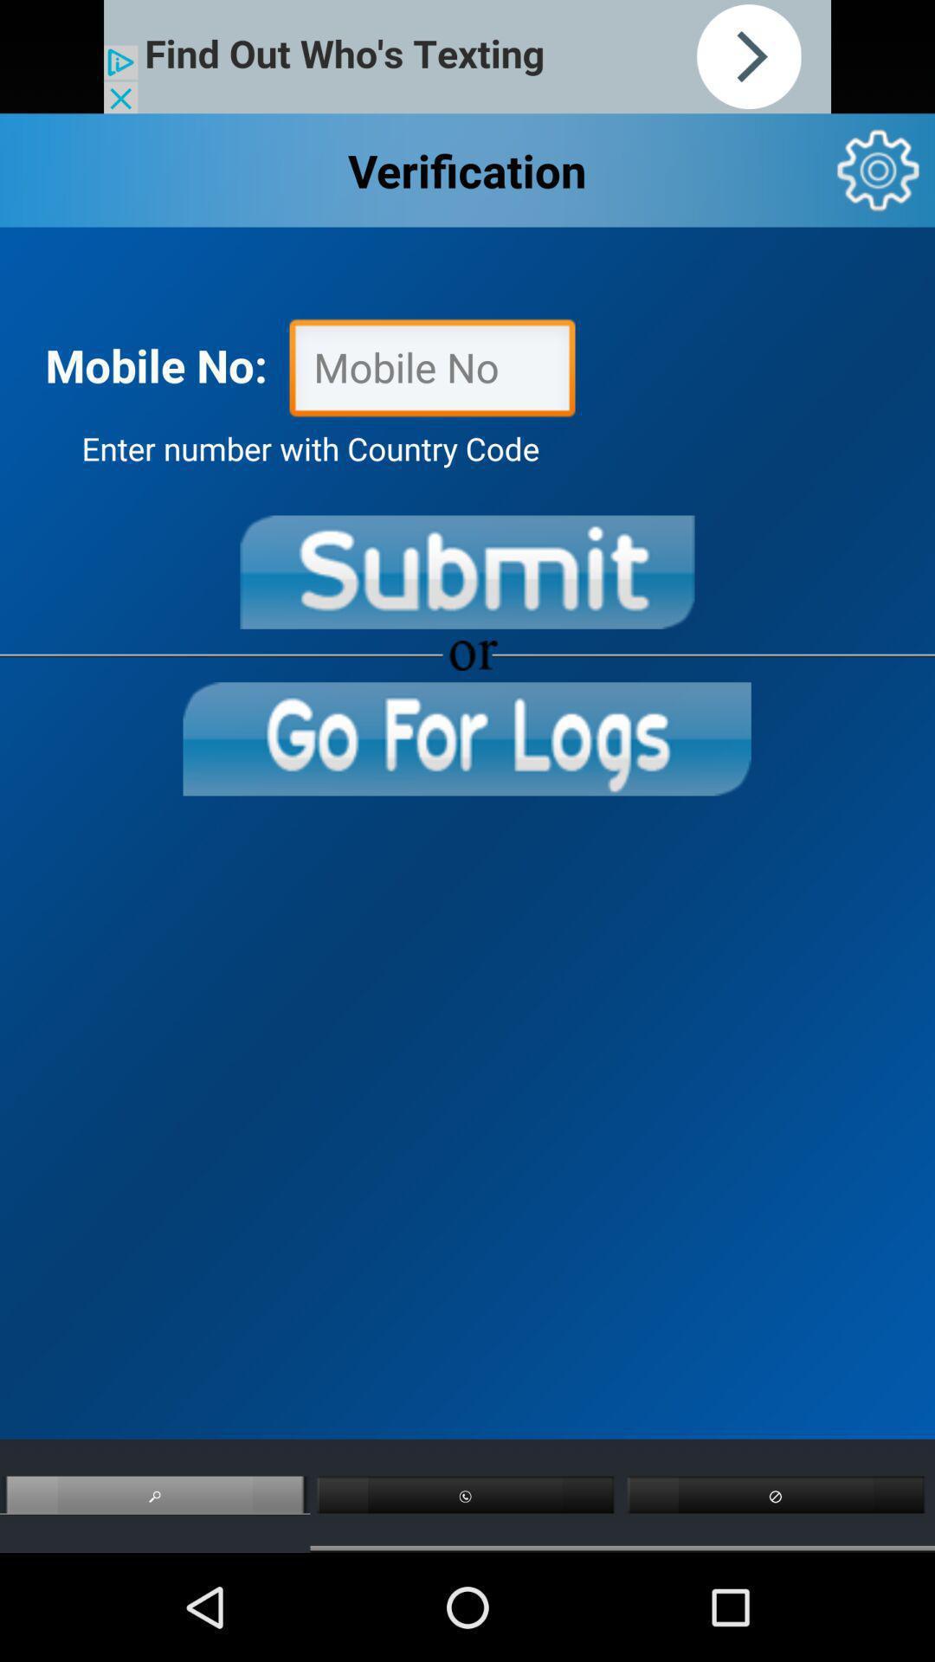 The height and width of the screenshot is (1662, 935). Describe the element at coordinates (467, 56) in the screenshot. I see `advertisement` at that location.